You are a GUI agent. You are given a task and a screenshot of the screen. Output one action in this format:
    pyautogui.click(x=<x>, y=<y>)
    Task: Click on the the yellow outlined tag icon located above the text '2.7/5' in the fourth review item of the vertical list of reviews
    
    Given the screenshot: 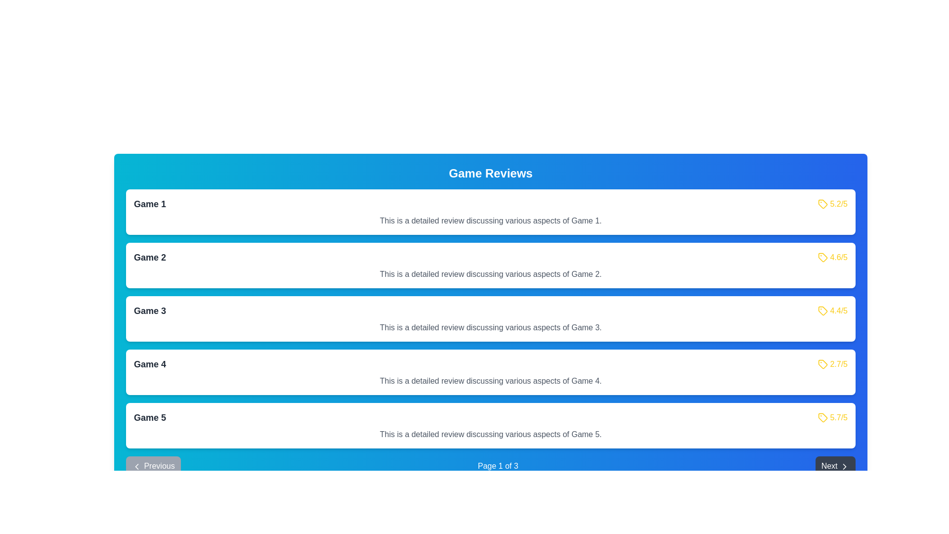 What is the action you would take?
    pyautogui.click(x=823, y=364)
    